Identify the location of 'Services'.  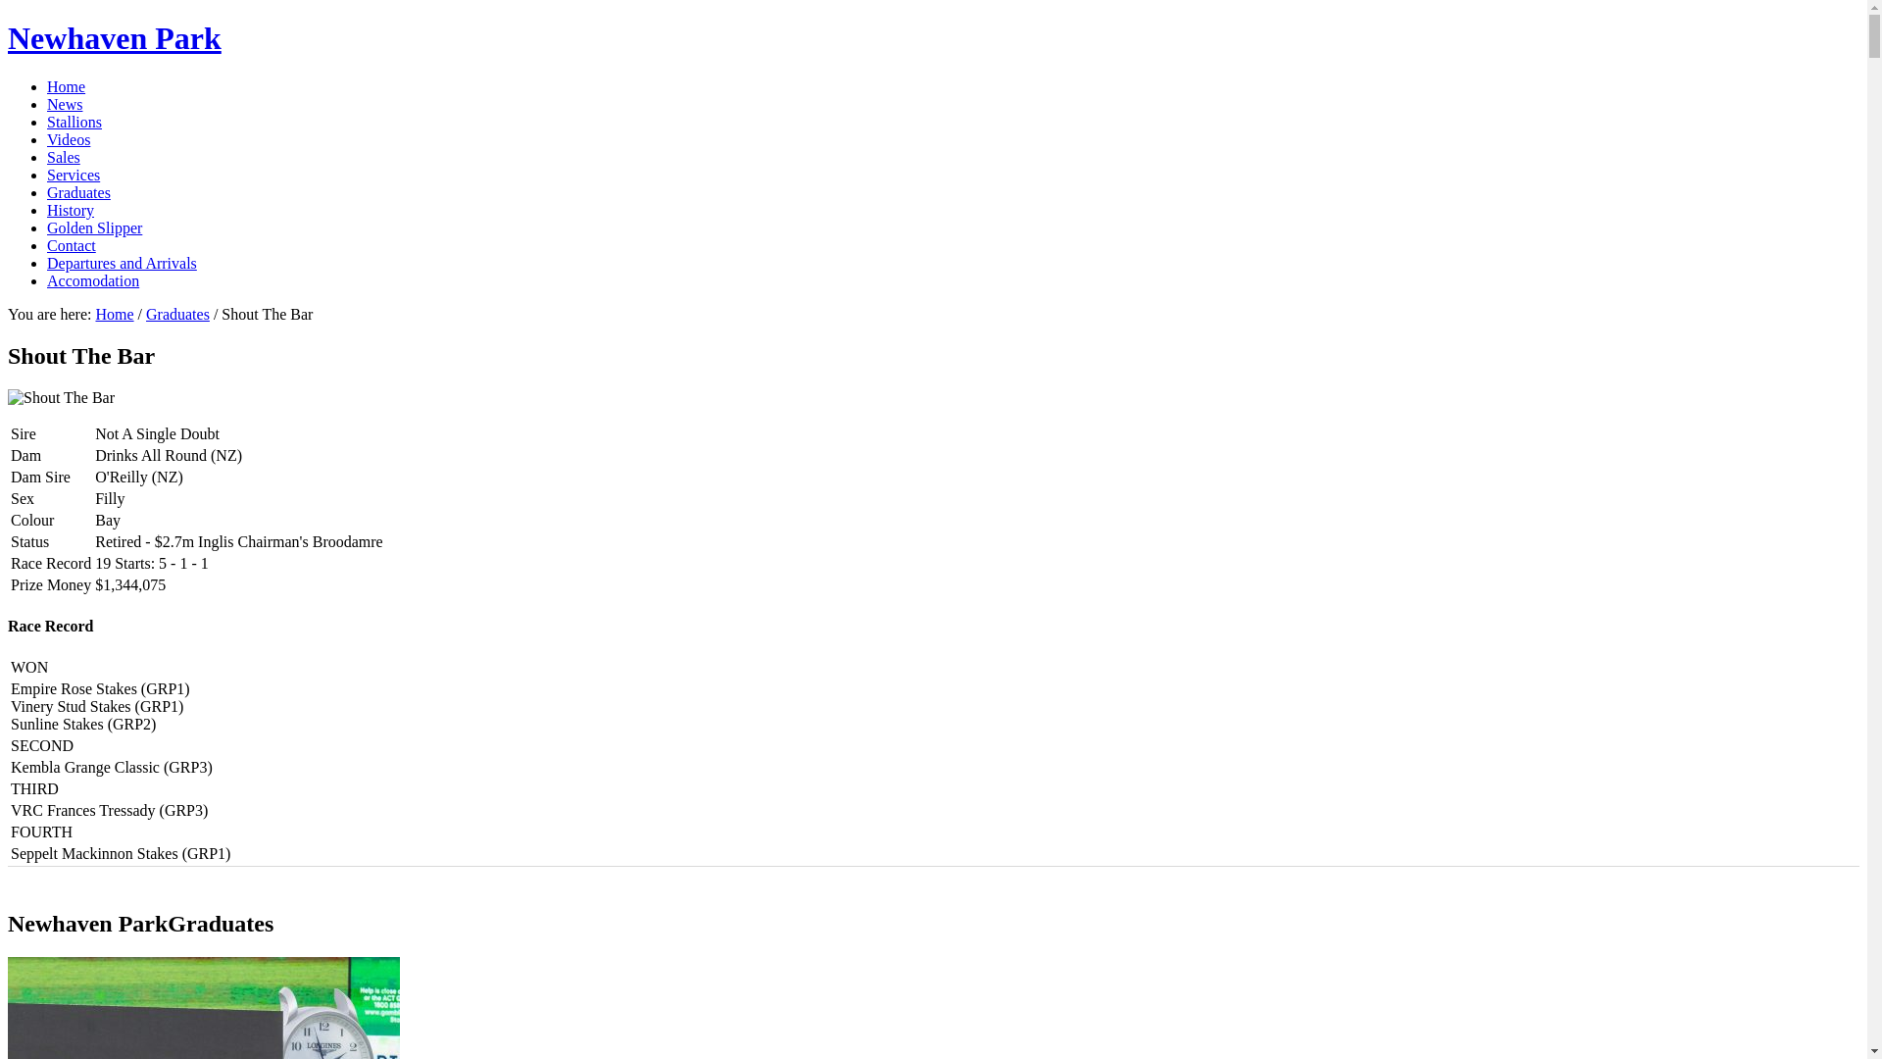
(47, 174).